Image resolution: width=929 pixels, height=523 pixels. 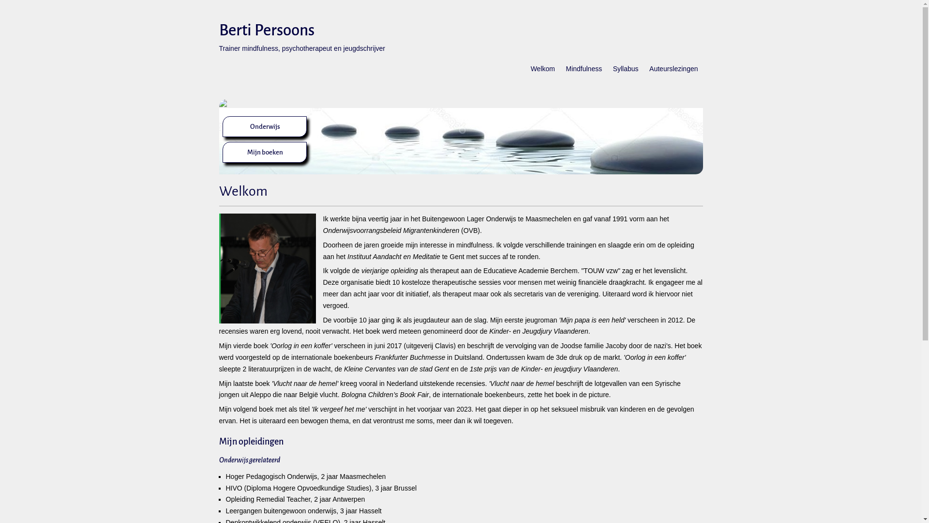 I want to click on 'Mindfulness', so click(x=560, y=73).